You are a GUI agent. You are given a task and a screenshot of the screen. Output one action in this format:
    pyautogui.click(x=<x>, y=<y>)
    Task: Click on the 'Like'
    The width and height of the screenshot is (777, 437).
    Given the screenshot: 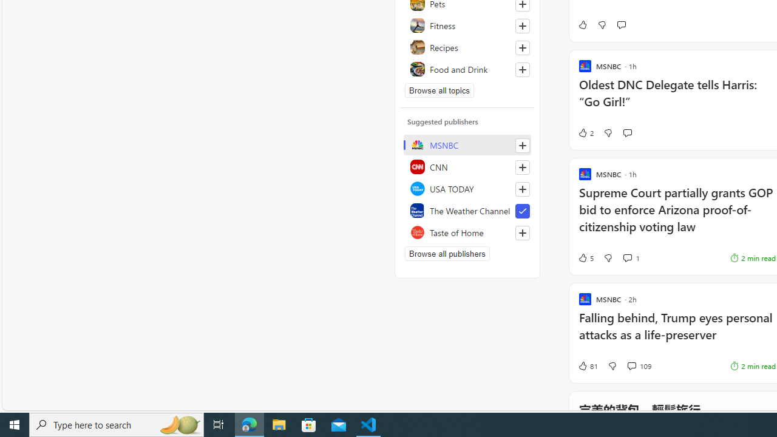 What is the action you would take?
    pyautogui.click(x=582, y=25)
    